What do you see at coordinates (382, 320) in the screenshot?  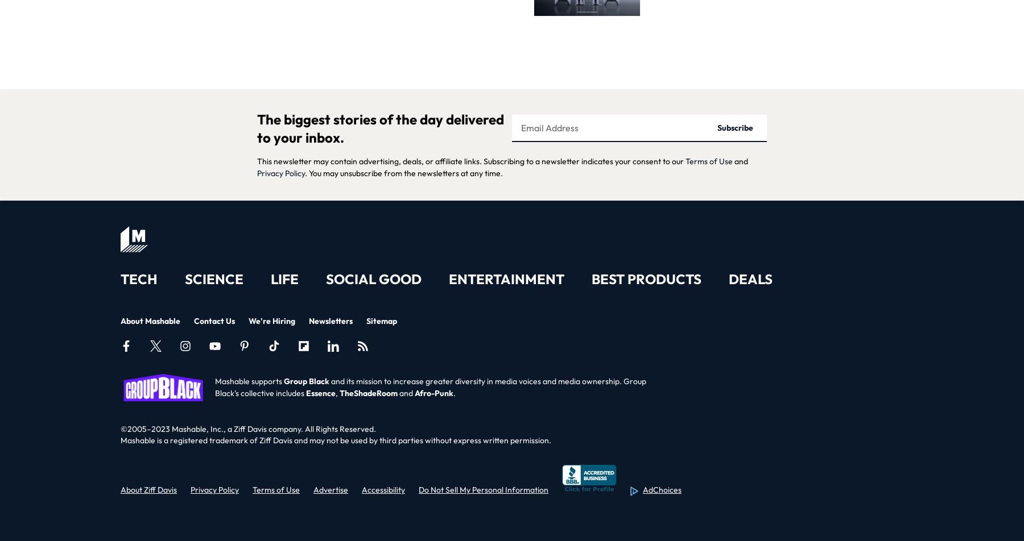 I see `'Sitemap'` at bounding box center [382, 320].